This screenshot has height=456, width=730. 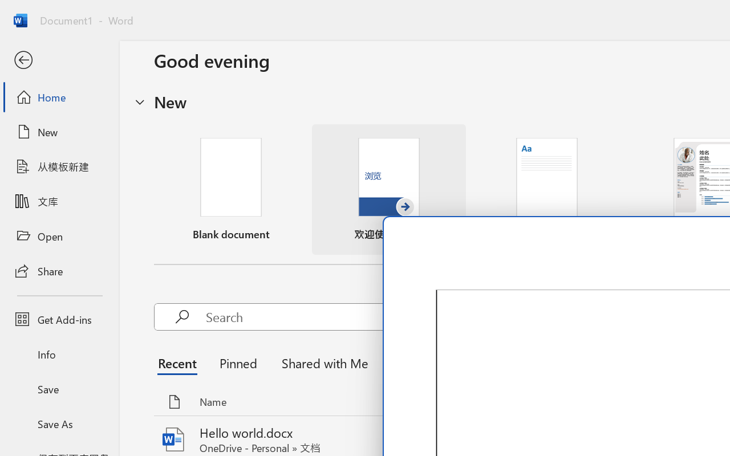 I want to click on 'Shared with Me', so click(x=321, y=362).